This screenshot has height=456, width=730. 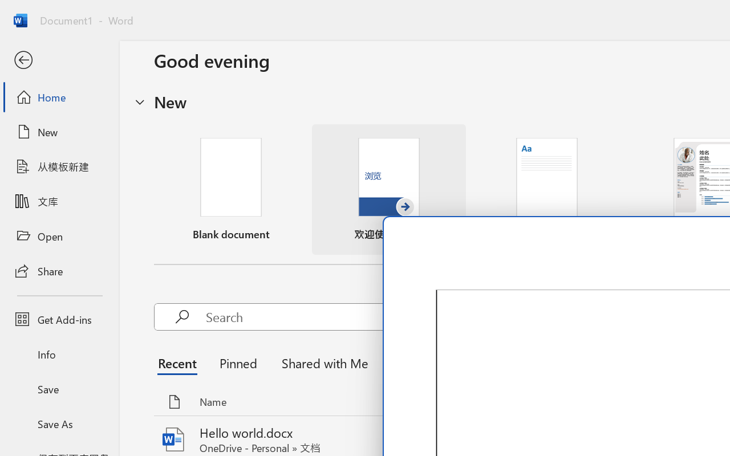 I want to click on 'Shared with Me', so click(x=321, y=362).